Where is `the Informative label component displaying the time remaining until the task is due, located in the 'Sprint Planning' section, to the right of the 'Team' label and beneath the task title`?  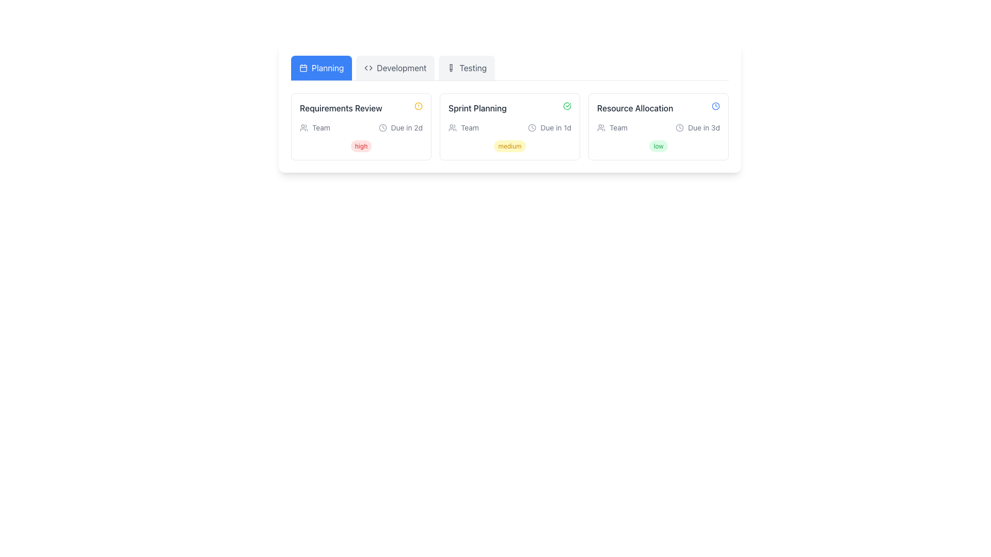 the Informative label component displaying the time remaining until the task is due, located in the 'Sprint Planning' section, to the right of the 'Team' label and beneath the task title is located at coordinates (549, 127).